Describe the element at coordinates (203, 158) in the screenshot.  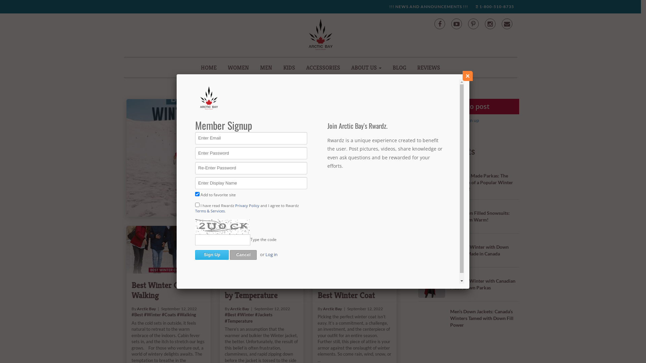
I see `'Best Luxury Winter Jackets'` at that location.